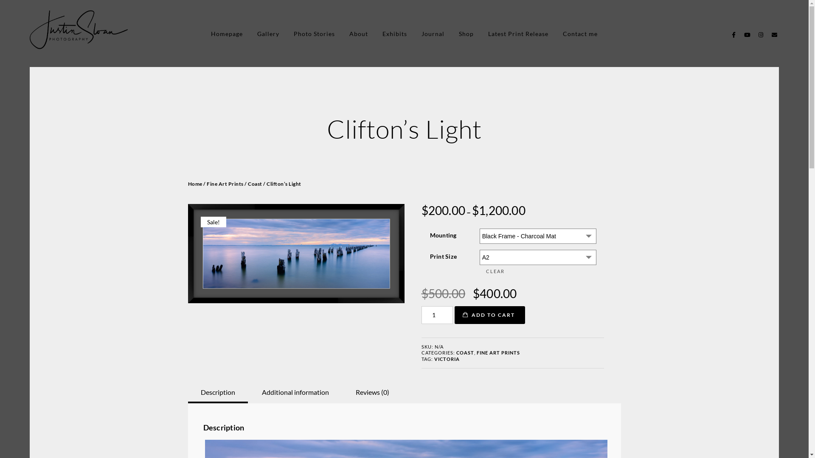  What do you see at coordinates (295, 253) in the screenshot?
I see `'JS0072CLLE_black-charcoal-65x24'` at bounding box center [295, 253].